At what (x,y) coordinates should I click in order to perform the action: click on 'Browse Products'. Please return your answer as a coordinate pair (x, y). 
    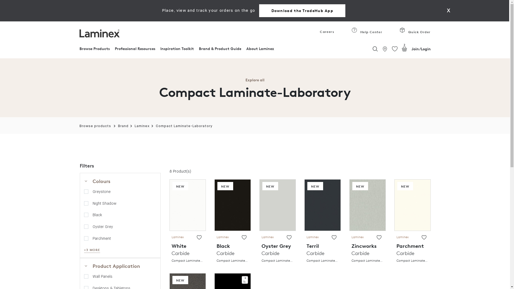
    Looking at the image, I should click on (94, 50).